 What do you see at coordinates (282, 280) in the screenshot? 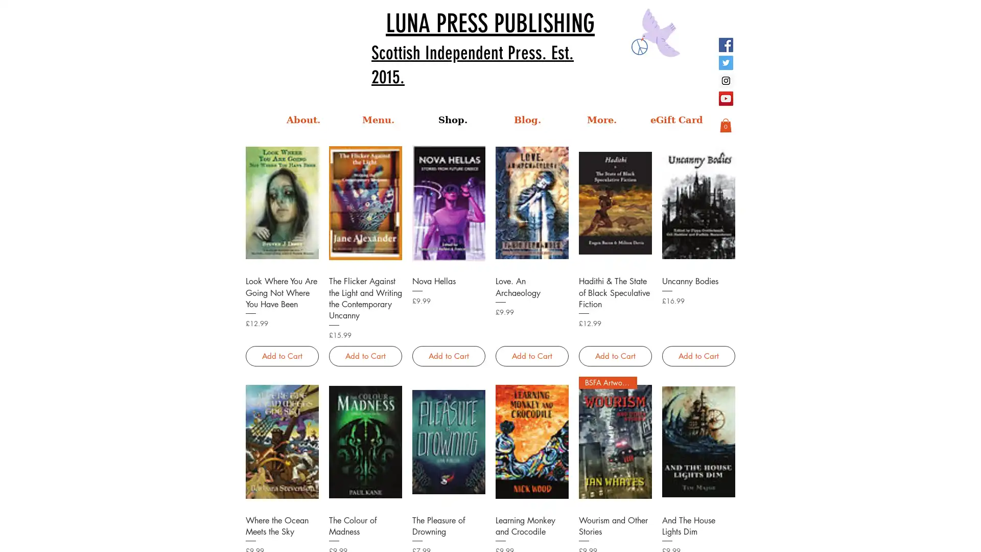
I see `Quick View` at bounding box center [282, 280].